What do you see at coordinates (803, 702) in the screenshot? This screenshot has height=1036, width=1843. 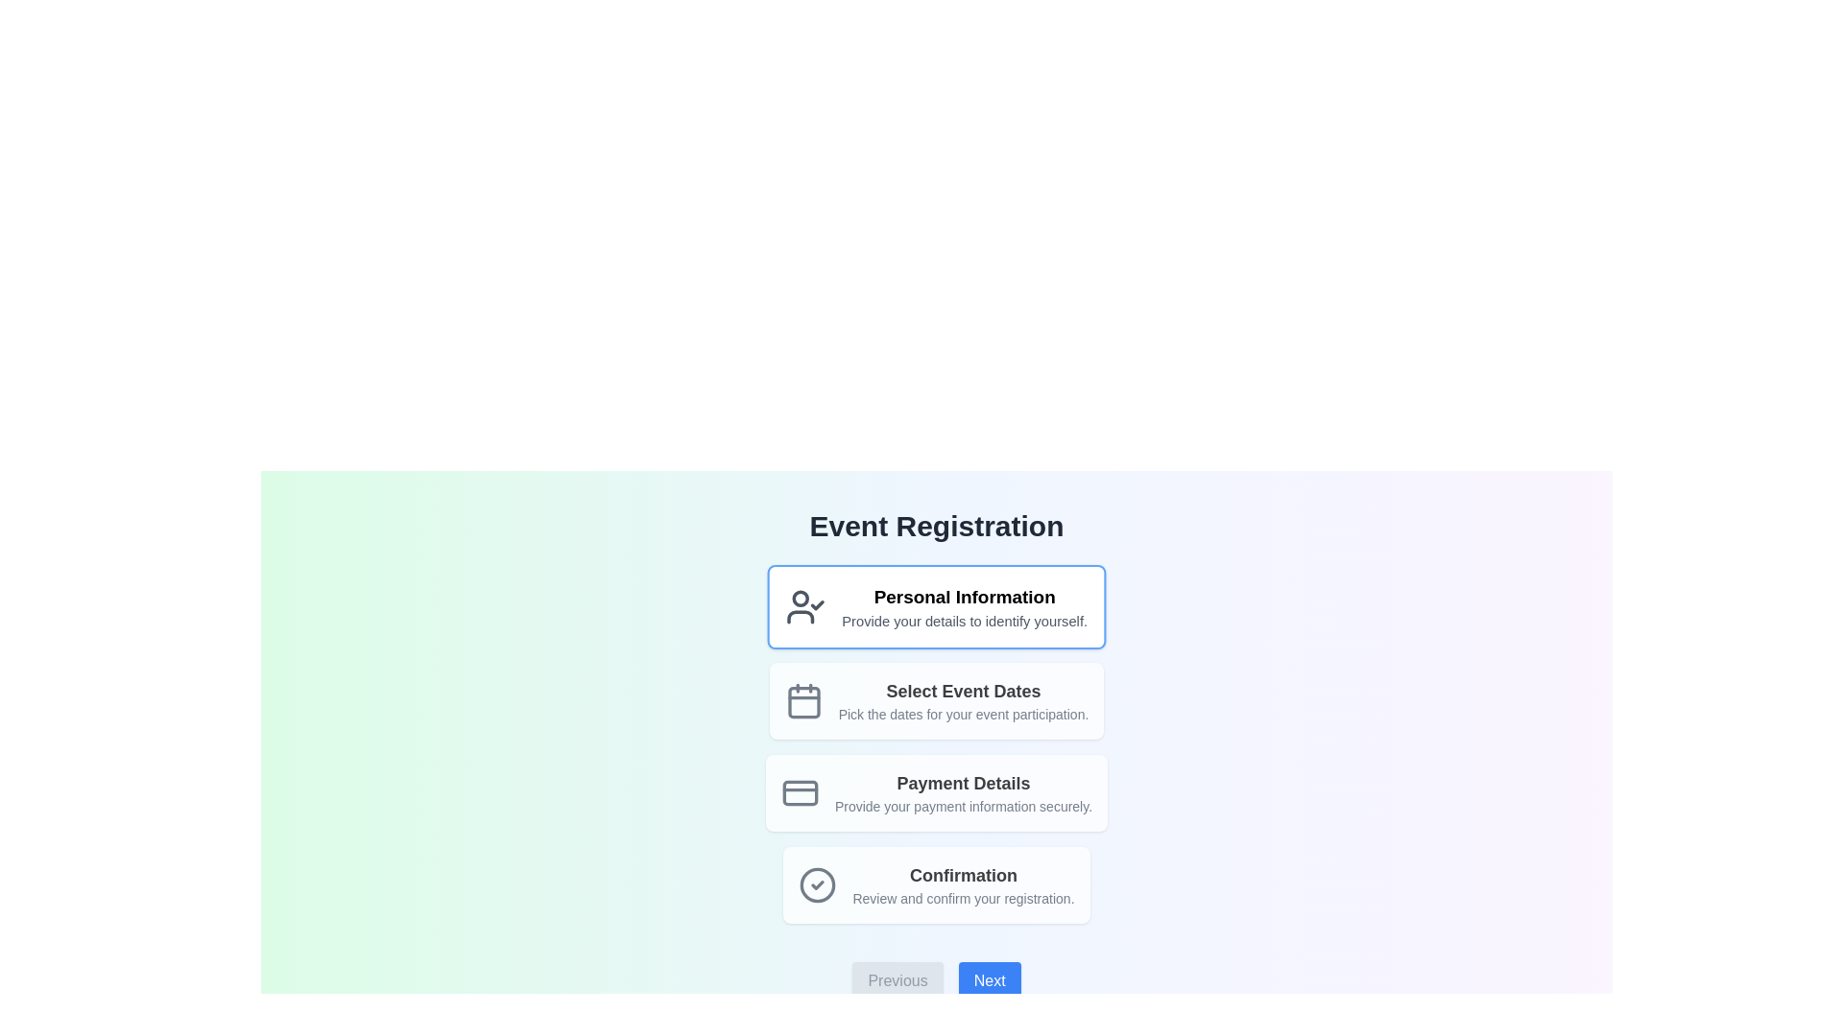 I see `the calendar icon representing the second step titled 'Select Event Dates' in the progress list` at bounding box center [803, 702].